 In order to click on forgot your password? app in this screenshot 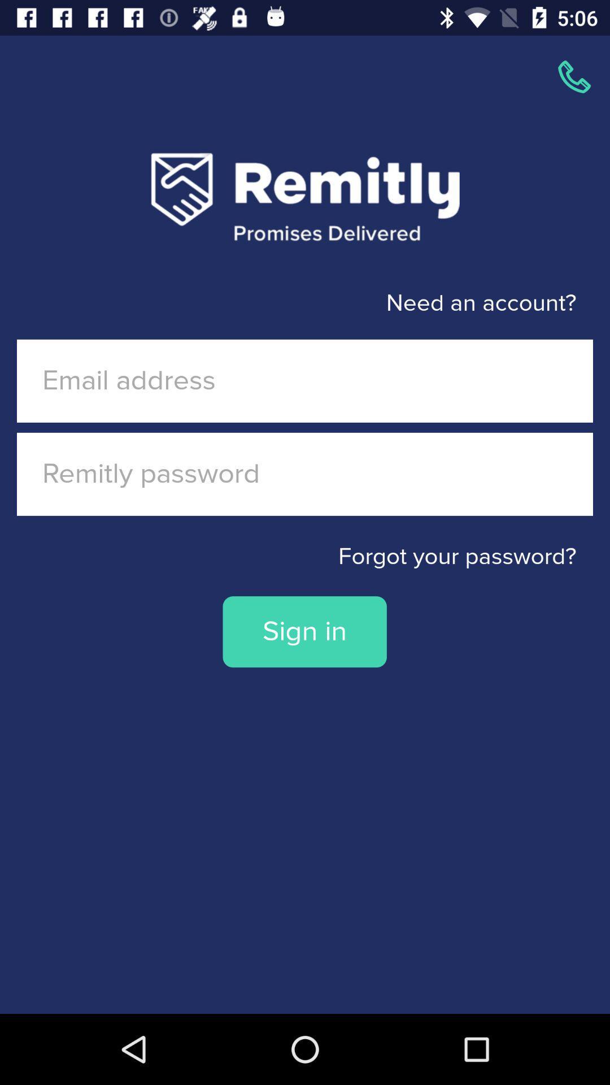, I will do `click(305, 557)`.